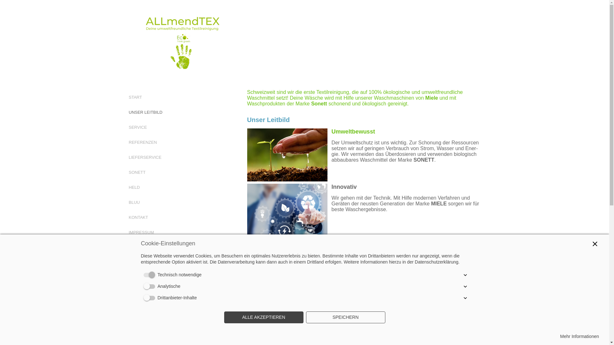  I want to click on 'UNSER LEITBILD', so click(145, 112).